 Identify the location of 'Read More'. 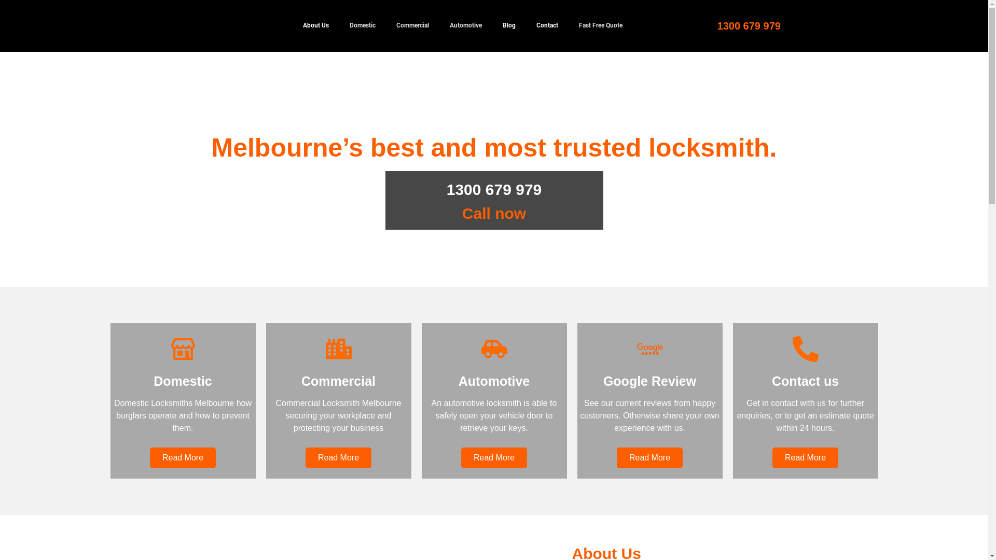
(183, 457).